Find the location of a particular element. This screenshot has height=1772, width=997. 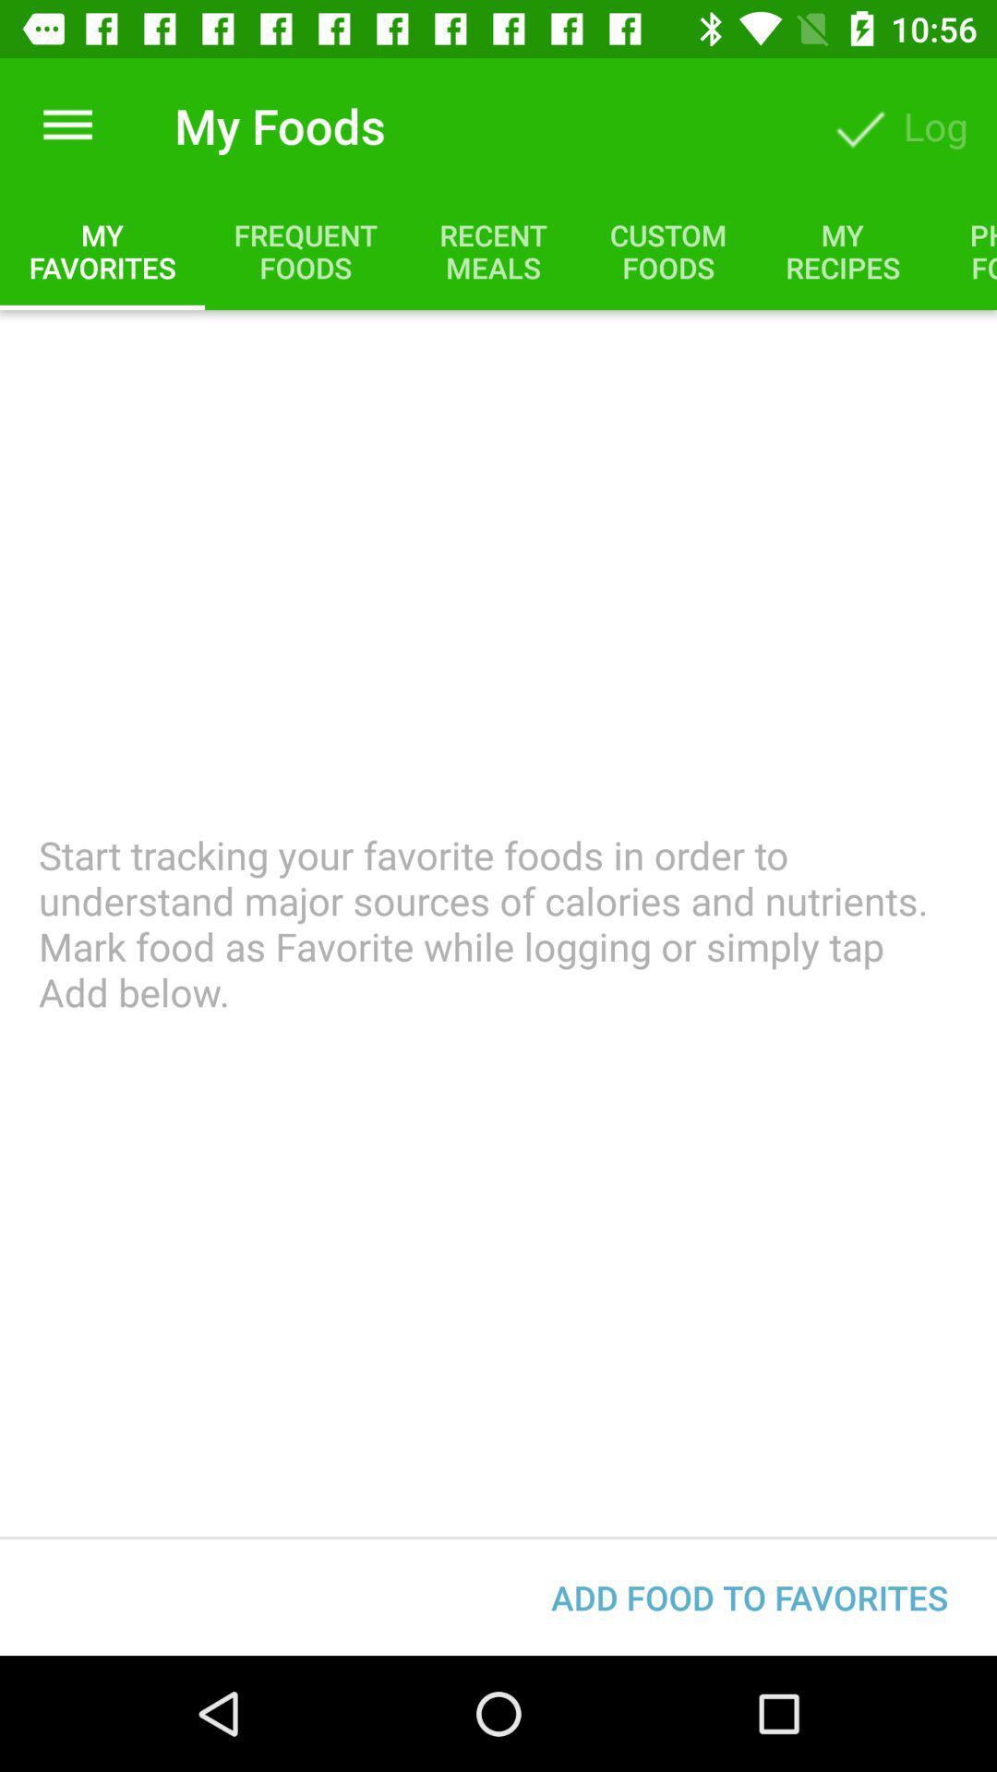

the button below the text is located at coordinates (750, 1597).